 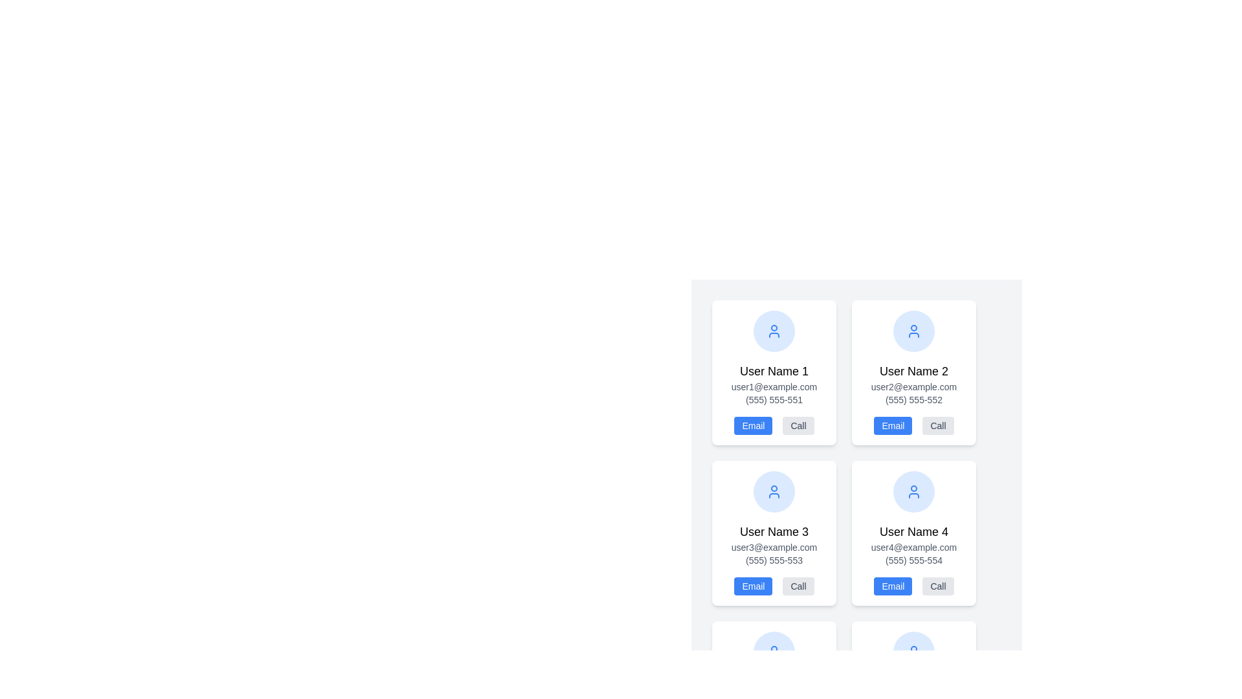 What do you see at coordinates (938, 586) in the screenshot?
I see `the 'Call' button, which is a small, horizontally rectangular button with a rounded border and light gray background, located next to the 'Email' button in the contact card for 'User Name 4'` at bounding box center [938, 586].